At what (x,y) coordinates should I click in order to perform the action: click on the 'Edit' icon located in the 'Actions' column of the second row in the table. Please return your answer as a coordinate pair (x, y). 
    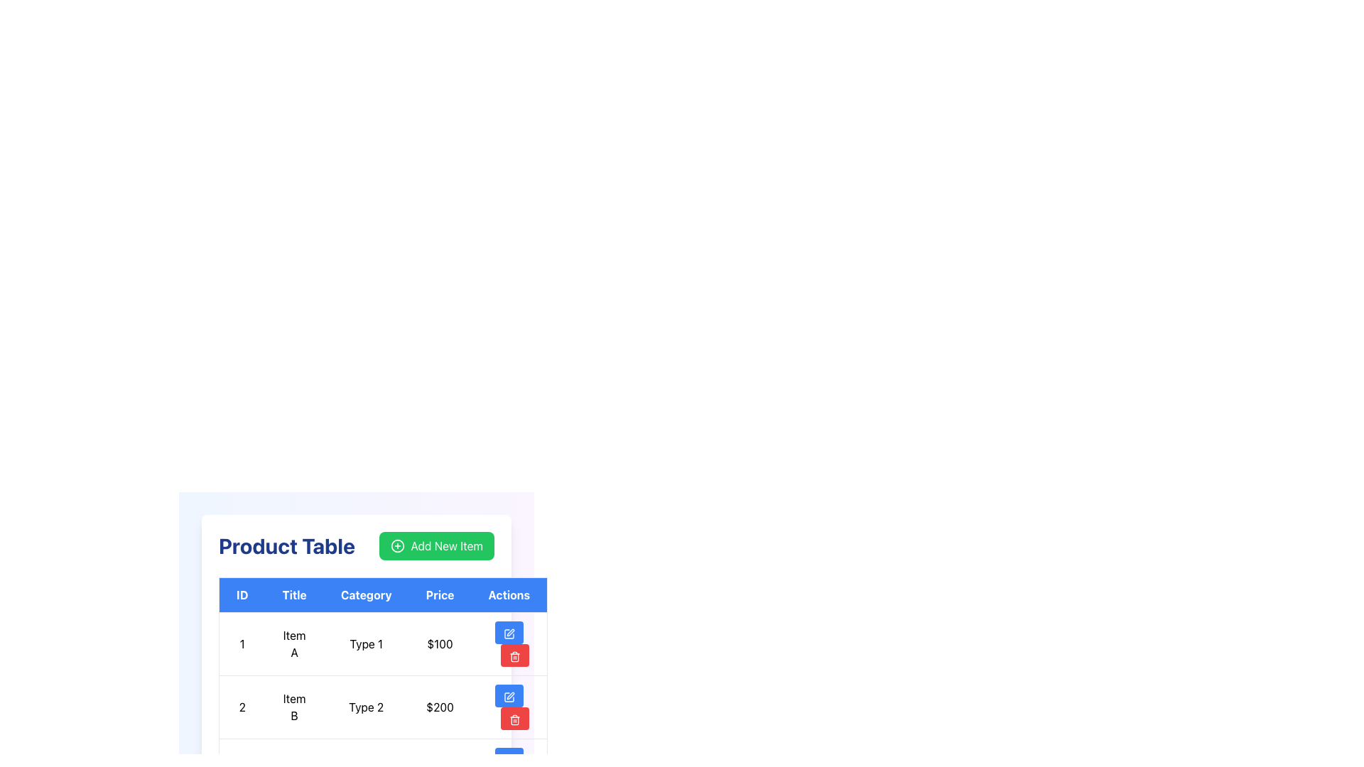
    Looking at the image, I should click on (510, 695).